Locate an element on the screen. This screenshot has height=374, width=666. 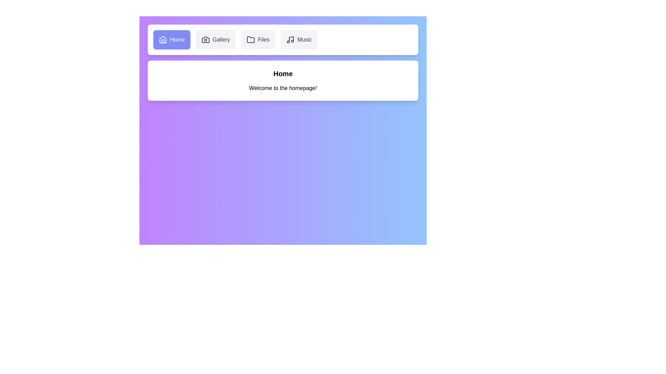
the button labeled Home to observe visual feedback is located at coordinates (171, 40).